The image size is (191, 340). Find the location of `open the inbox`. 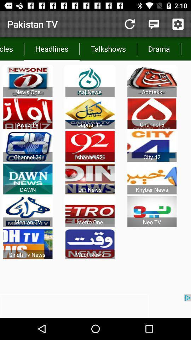

open the inbox is located at coordinates (154, 24).